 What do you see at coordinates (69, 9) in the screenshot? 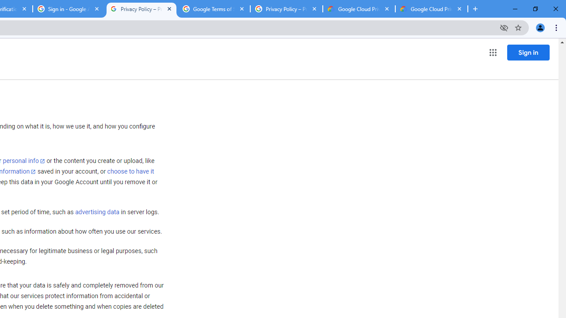
I see `'Sign in - Google Accounts'` at bounding box center [69, 9].